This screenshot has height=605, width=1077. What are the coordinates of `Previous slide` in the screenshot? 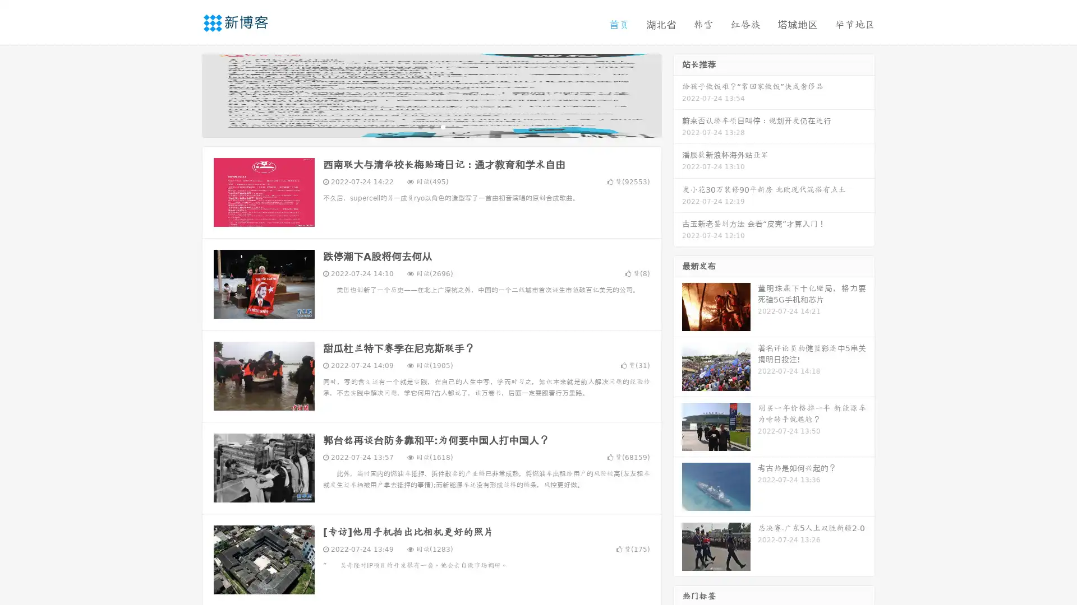 It's located at (185, 94).